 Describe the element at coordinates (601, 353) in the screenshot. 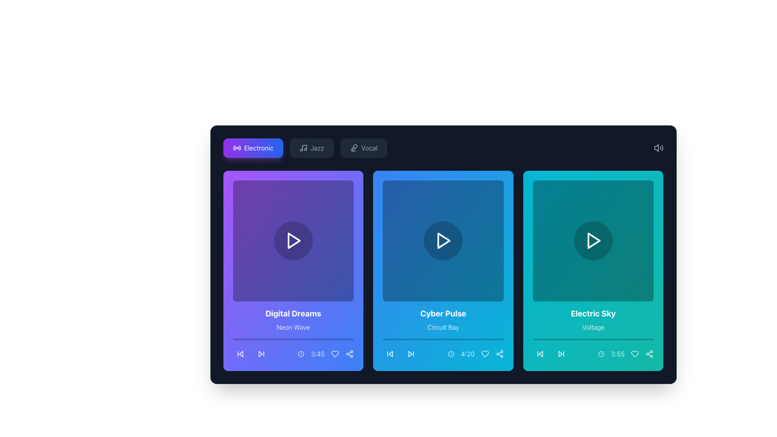

I see `the time icon representing '3:55' located in the bottom right section of the 'Electric Sky' card` at that location.